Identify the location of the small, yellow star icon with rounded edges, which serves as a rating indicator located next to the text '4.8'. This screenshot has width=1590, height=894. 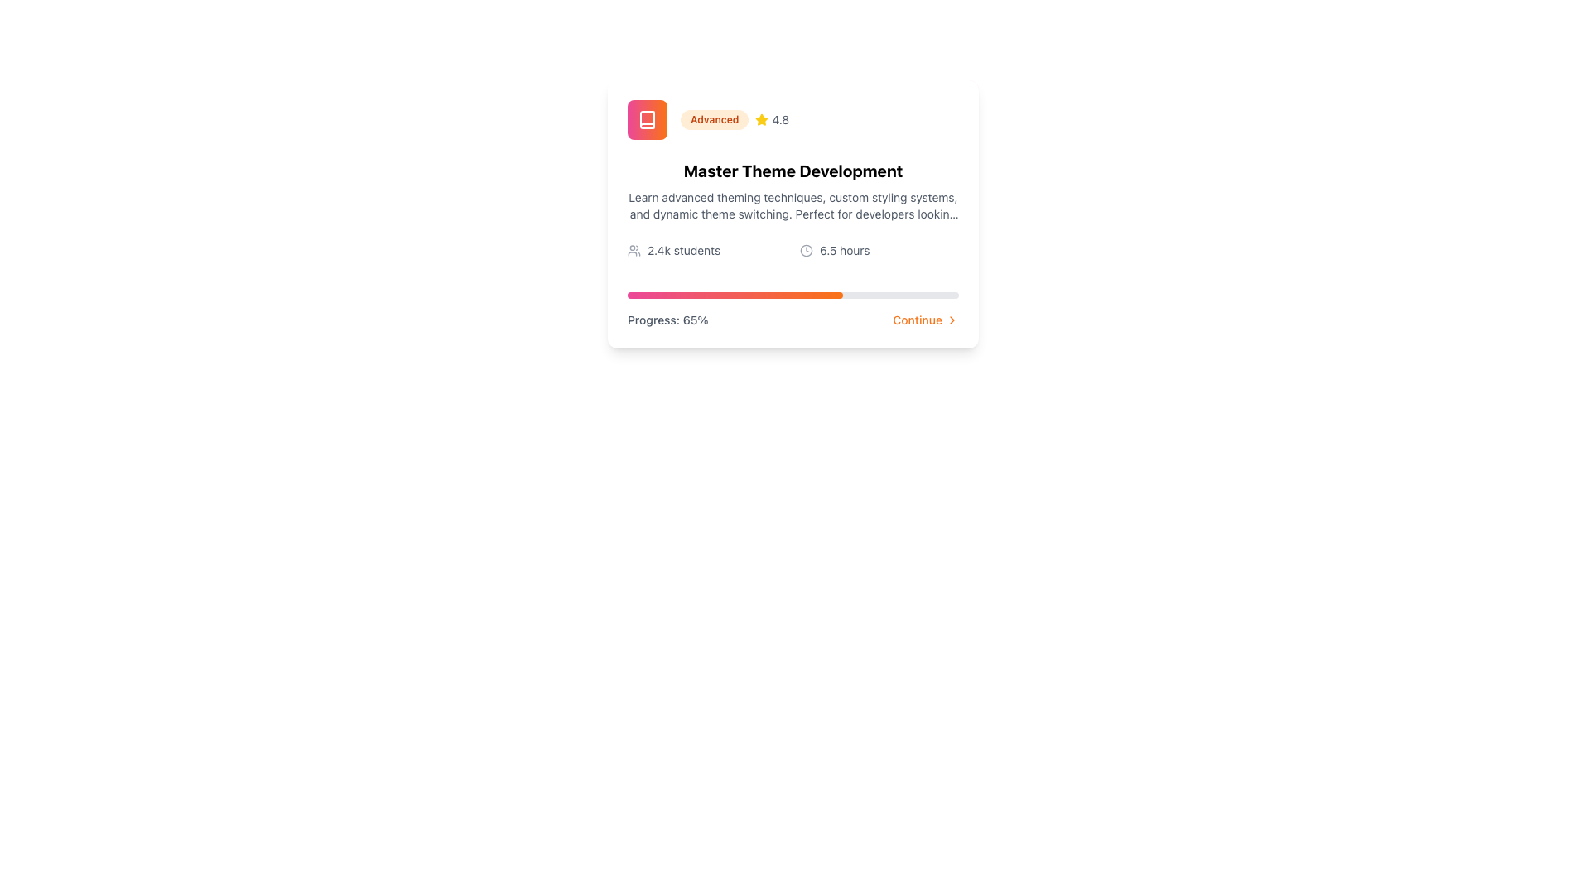
(761, 119).